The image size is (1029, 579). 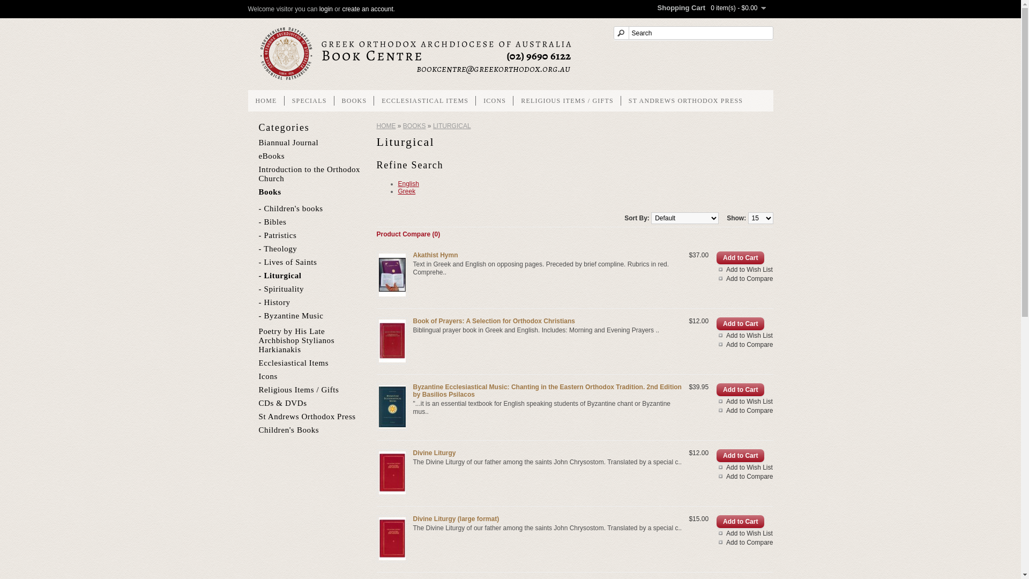 I want to click on 'Biannual Journal', so click(x=288, y=142).